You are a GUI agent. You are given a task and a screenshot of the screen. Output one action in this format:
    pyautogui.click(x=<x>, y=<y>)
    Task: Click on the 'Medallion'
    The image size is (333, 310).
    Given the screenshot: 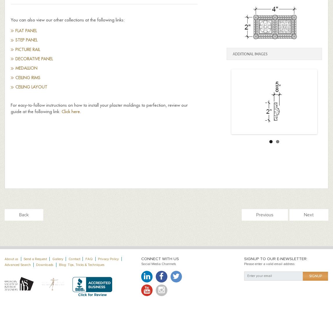 What is the action you would take?
    pyautogui.click(x=26, y=68)
    